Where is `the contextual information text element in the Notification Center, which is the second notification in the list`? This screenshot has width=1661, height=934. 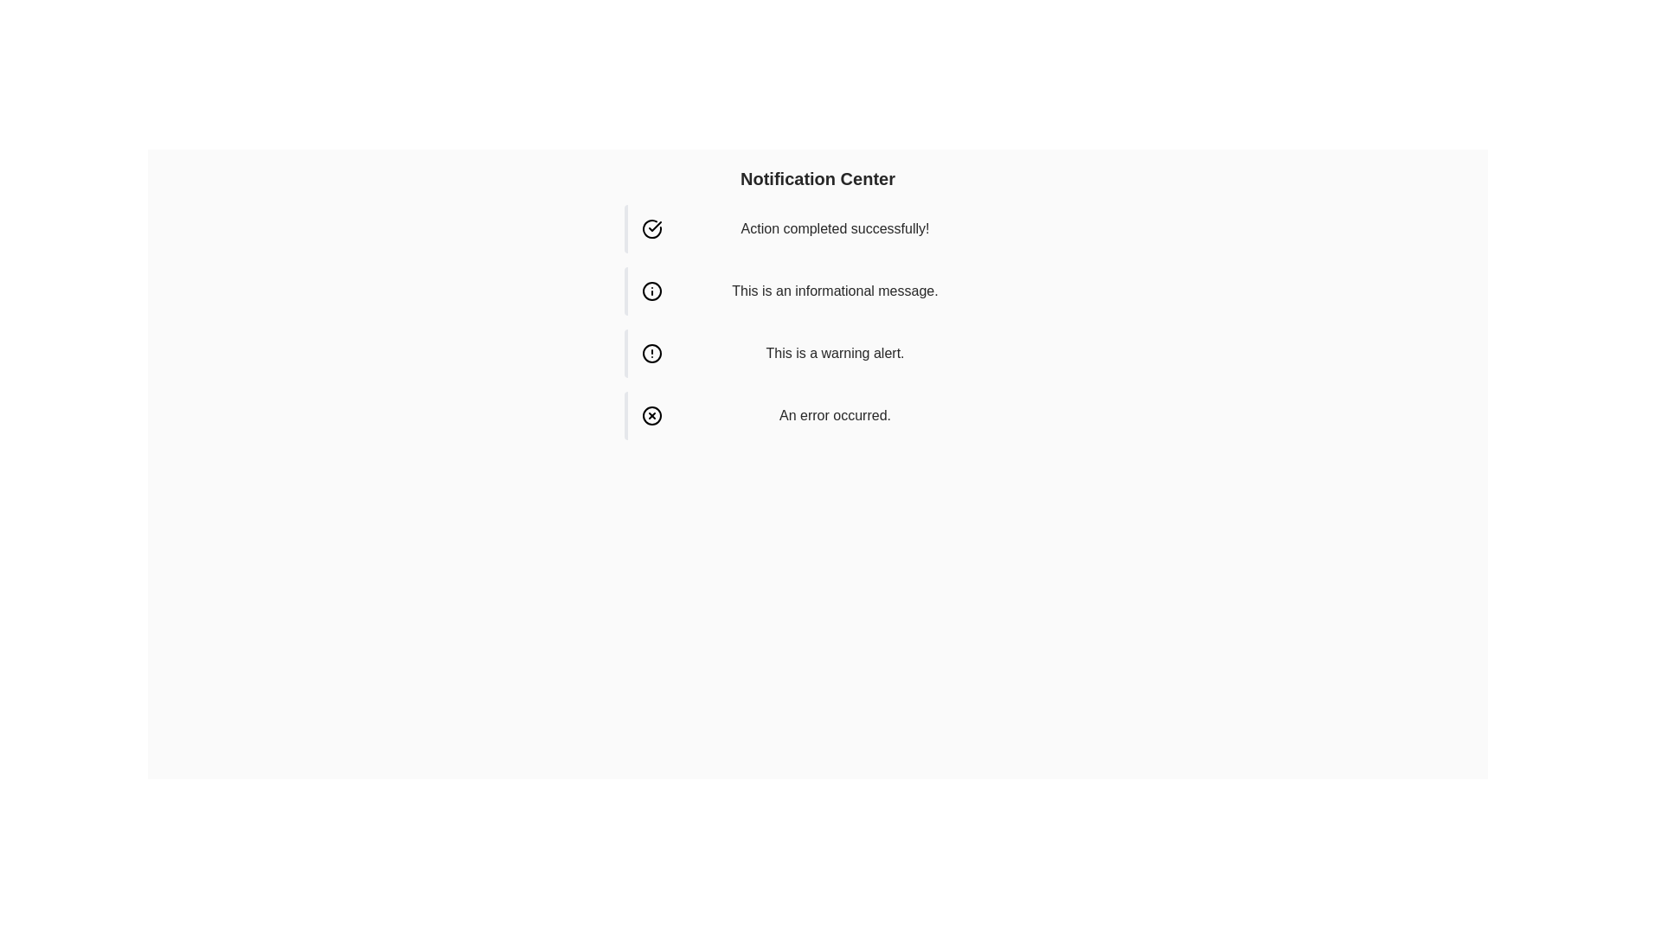
the contextual information text element in the Notification Center, which is the second notification in the list is located at coordinates (835, 290).